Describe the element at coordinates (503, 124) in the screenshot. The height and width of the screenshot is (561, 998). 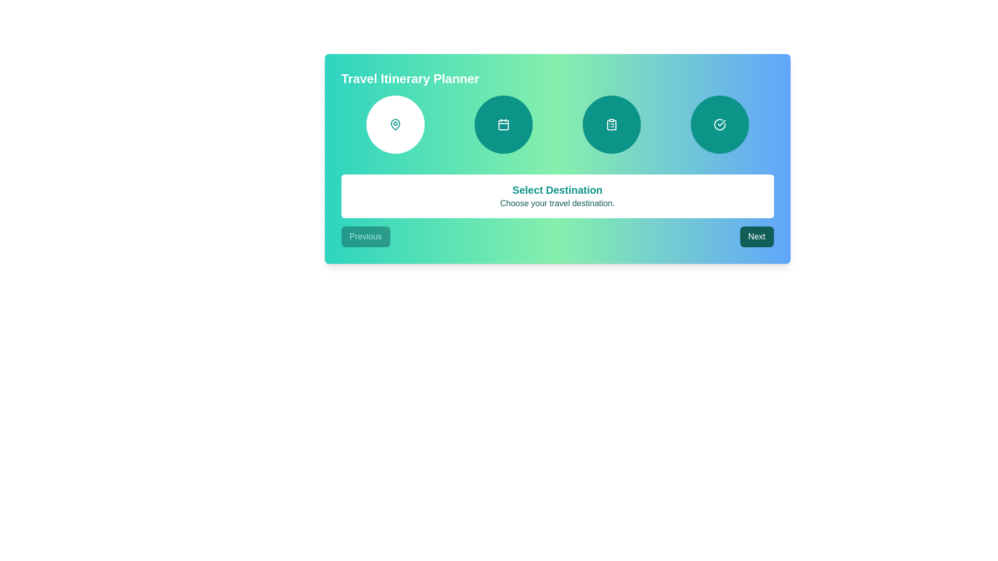
I see `the circular teal green button with a white calendar icon` at that location.